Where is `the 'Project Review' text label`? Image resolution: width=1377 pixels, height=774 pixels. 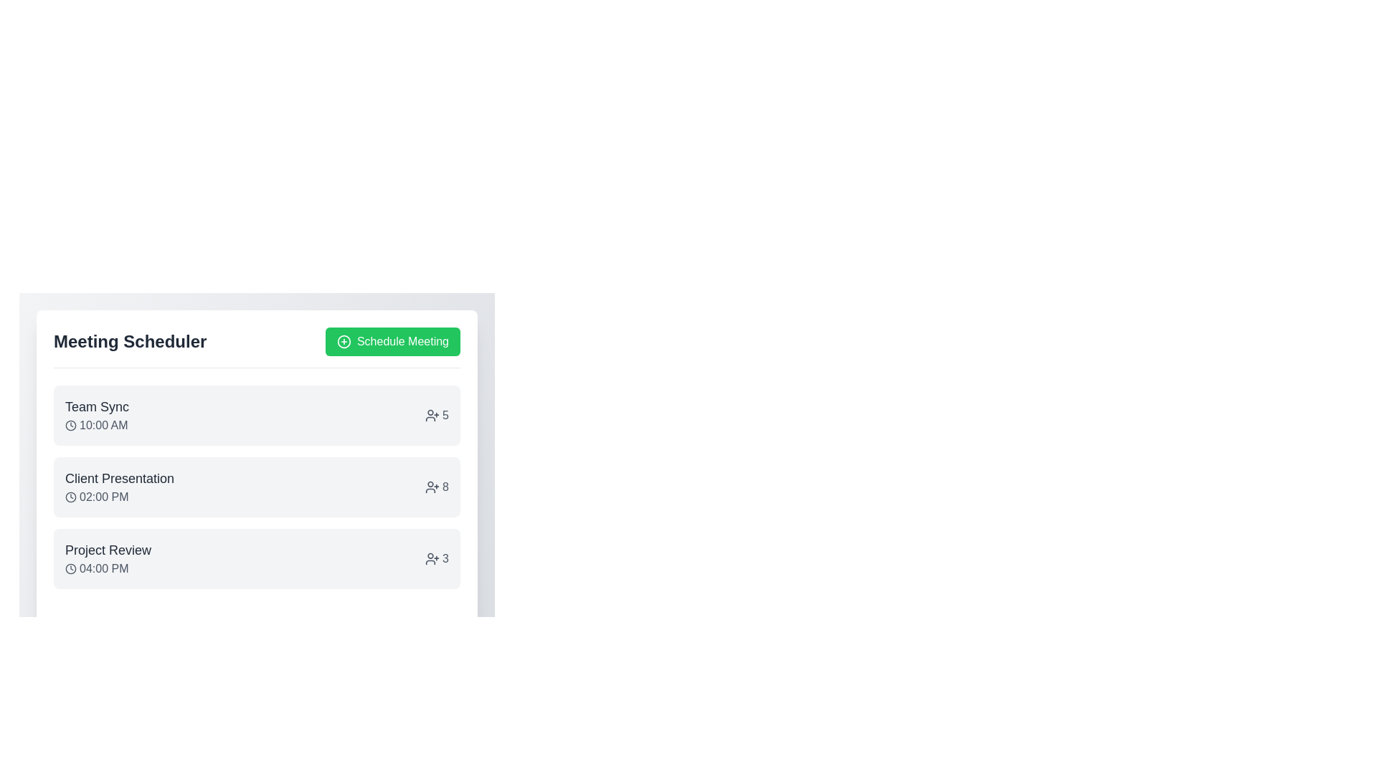
the 'Project Review' text label is located at coordinates (107, 558).